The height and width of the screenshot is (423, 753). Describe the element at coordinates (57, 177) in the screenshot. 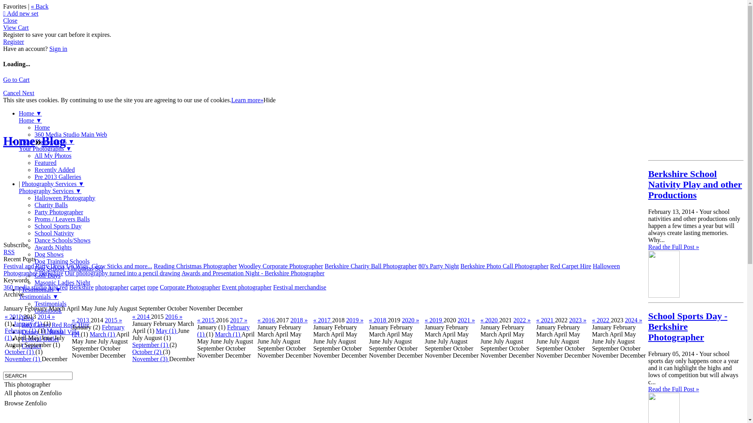

I see `'Pre 2013 Galleries'` at that location.